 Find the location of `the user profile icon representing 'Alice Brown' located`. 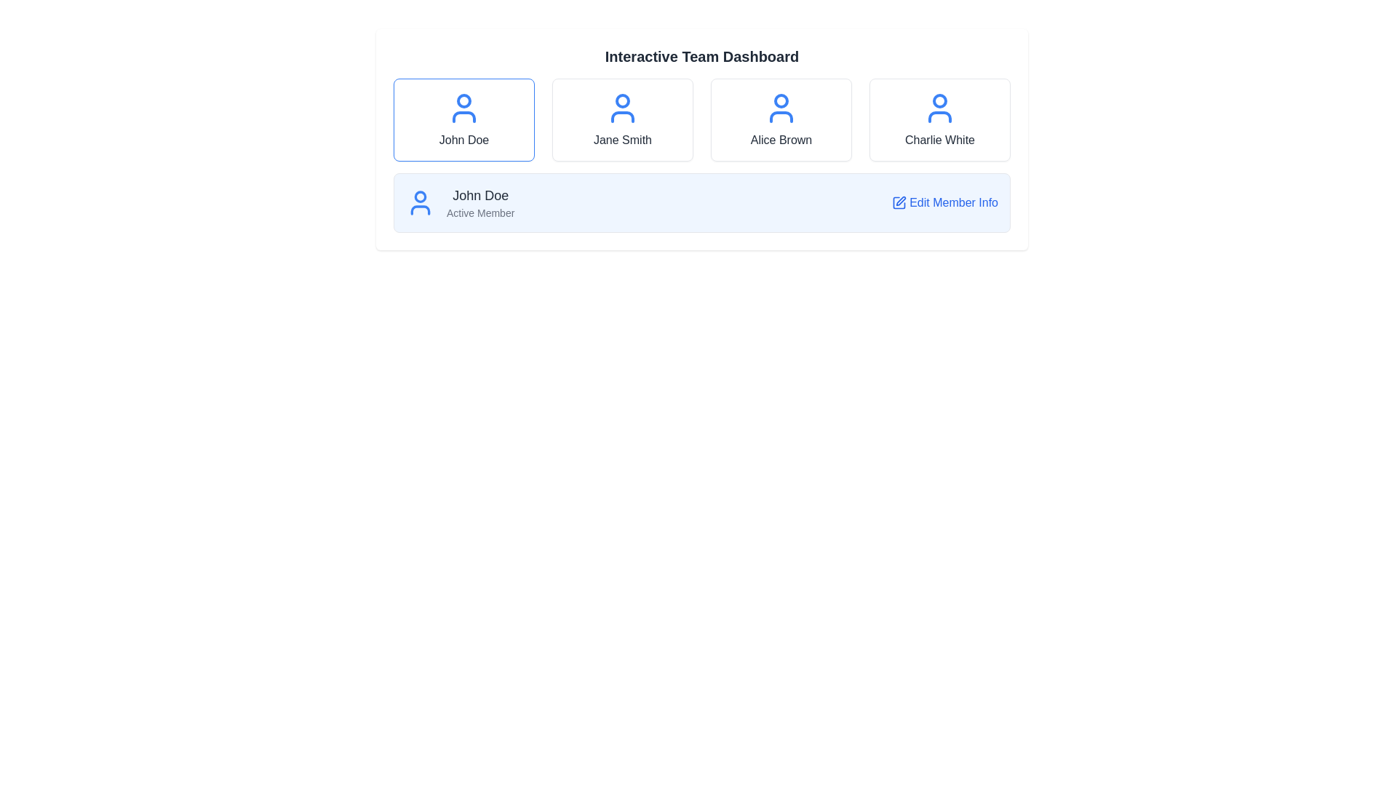

the user profile icon representing 'Alice Brown' located is located at coordinates (781, 108).